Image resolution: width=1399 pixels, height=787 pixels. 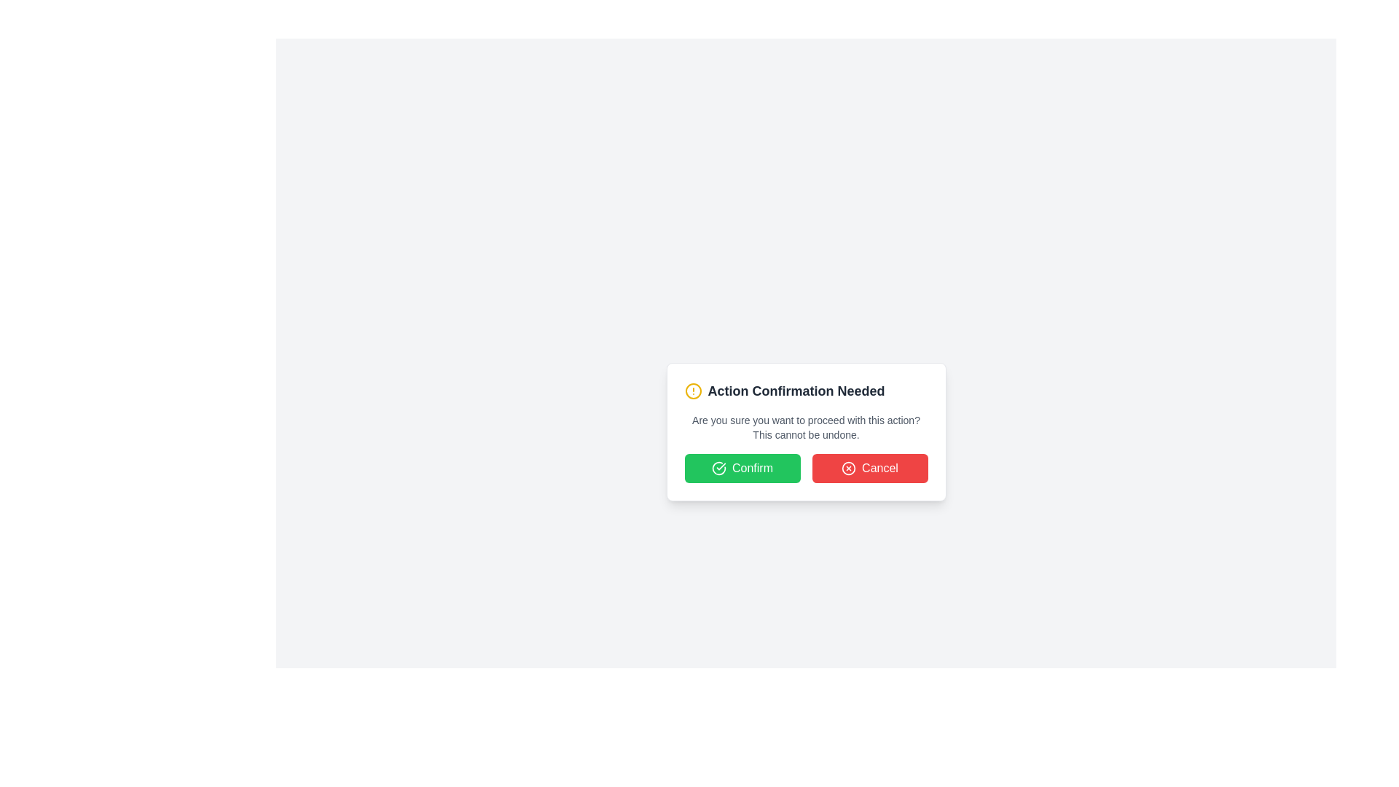 I want to click on the leftmost confirmation button in the dialog box to confirm the action, so click(x=742, y=469).